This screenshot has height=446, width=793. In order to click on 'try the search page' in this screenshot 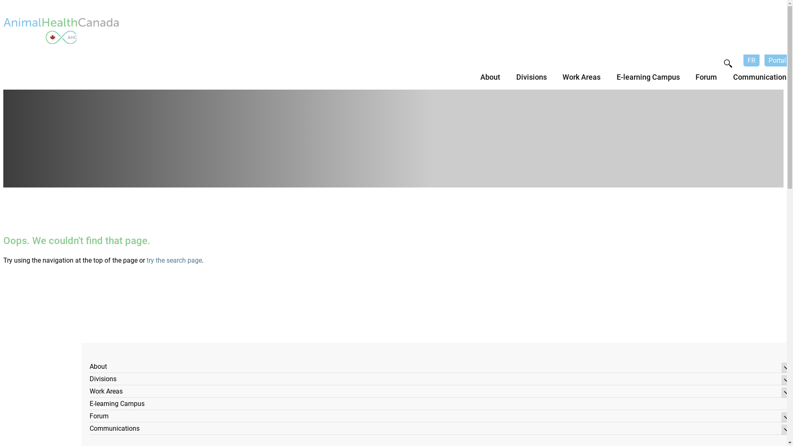, I will do `click(174, 260)`.